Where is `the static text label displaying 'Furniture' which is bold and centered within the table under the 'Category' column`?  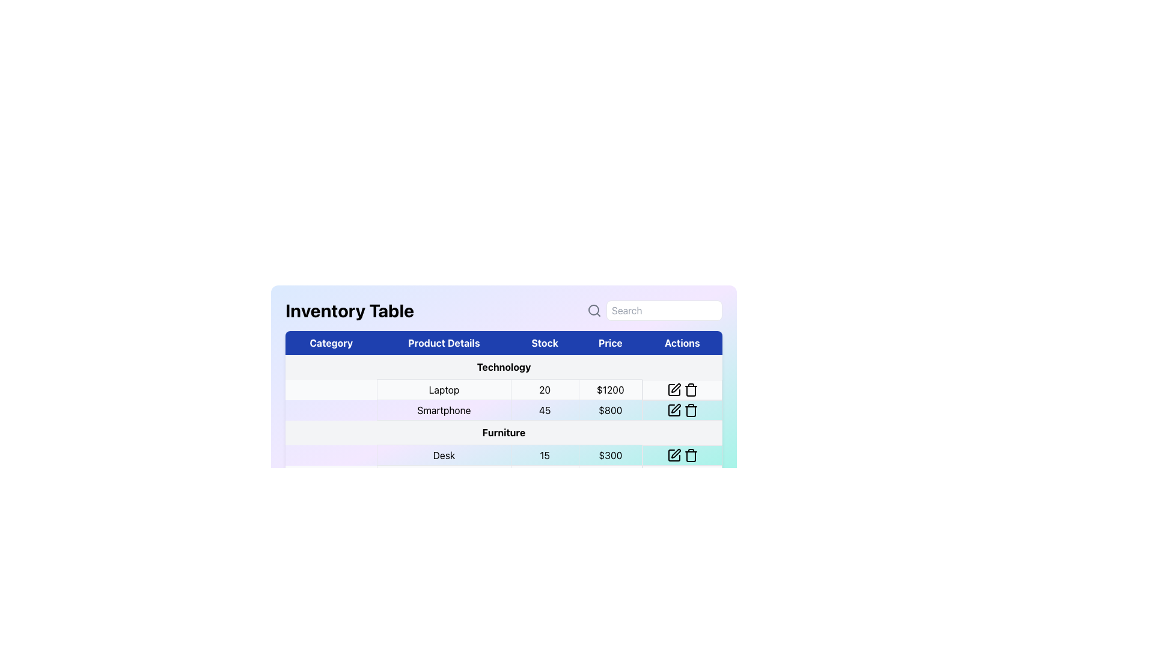 the static text label displaying 'Furniture' which is bold and centered within the table under the 'Category' column is located at coordinates (504, 433).